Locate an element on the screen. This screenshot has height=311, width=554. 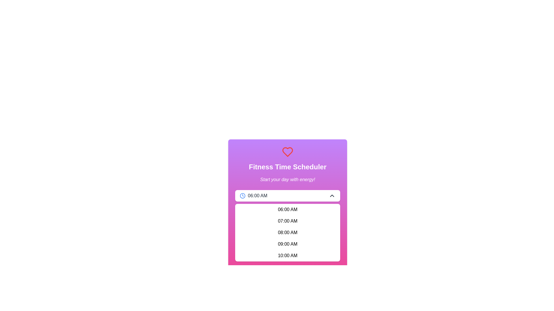
the list item displaying '09:00 AM' in bold font within the dropdown menu, which is the fourth item in the list is located at coordinates (288, 244).